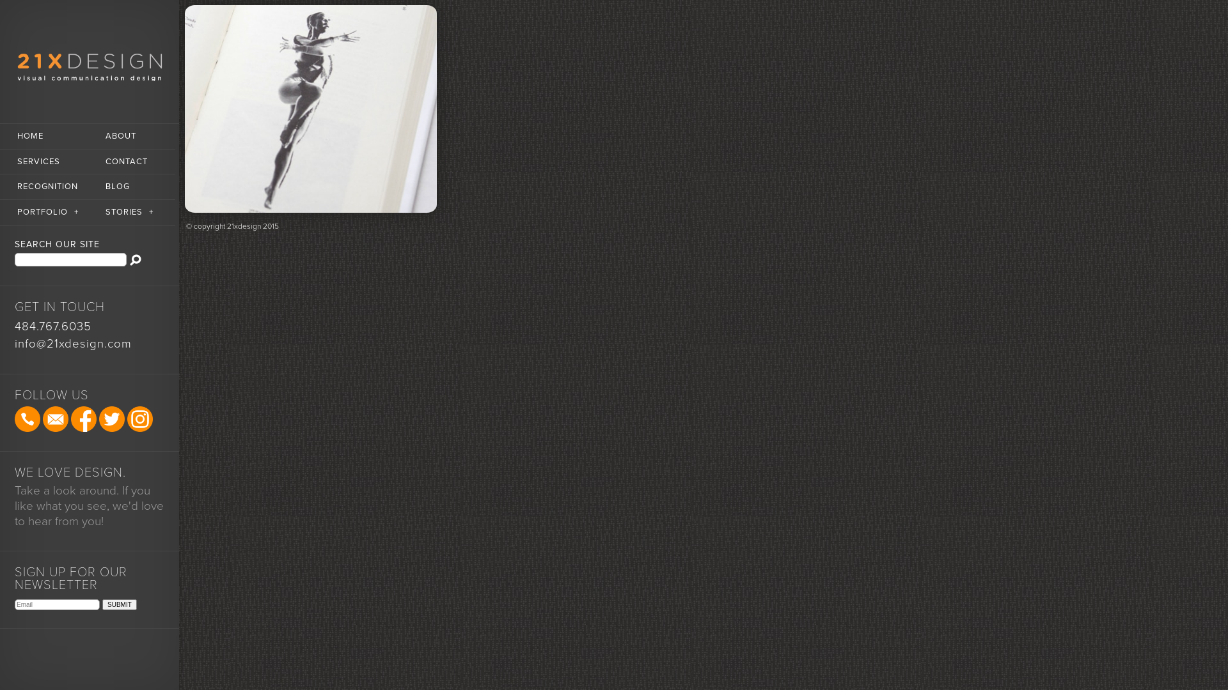 The height and width of the screenshot is (690, 1228). Describe the element at coordinates (131, 162) in the screenshot. I see `'CONTACT'` at that location.